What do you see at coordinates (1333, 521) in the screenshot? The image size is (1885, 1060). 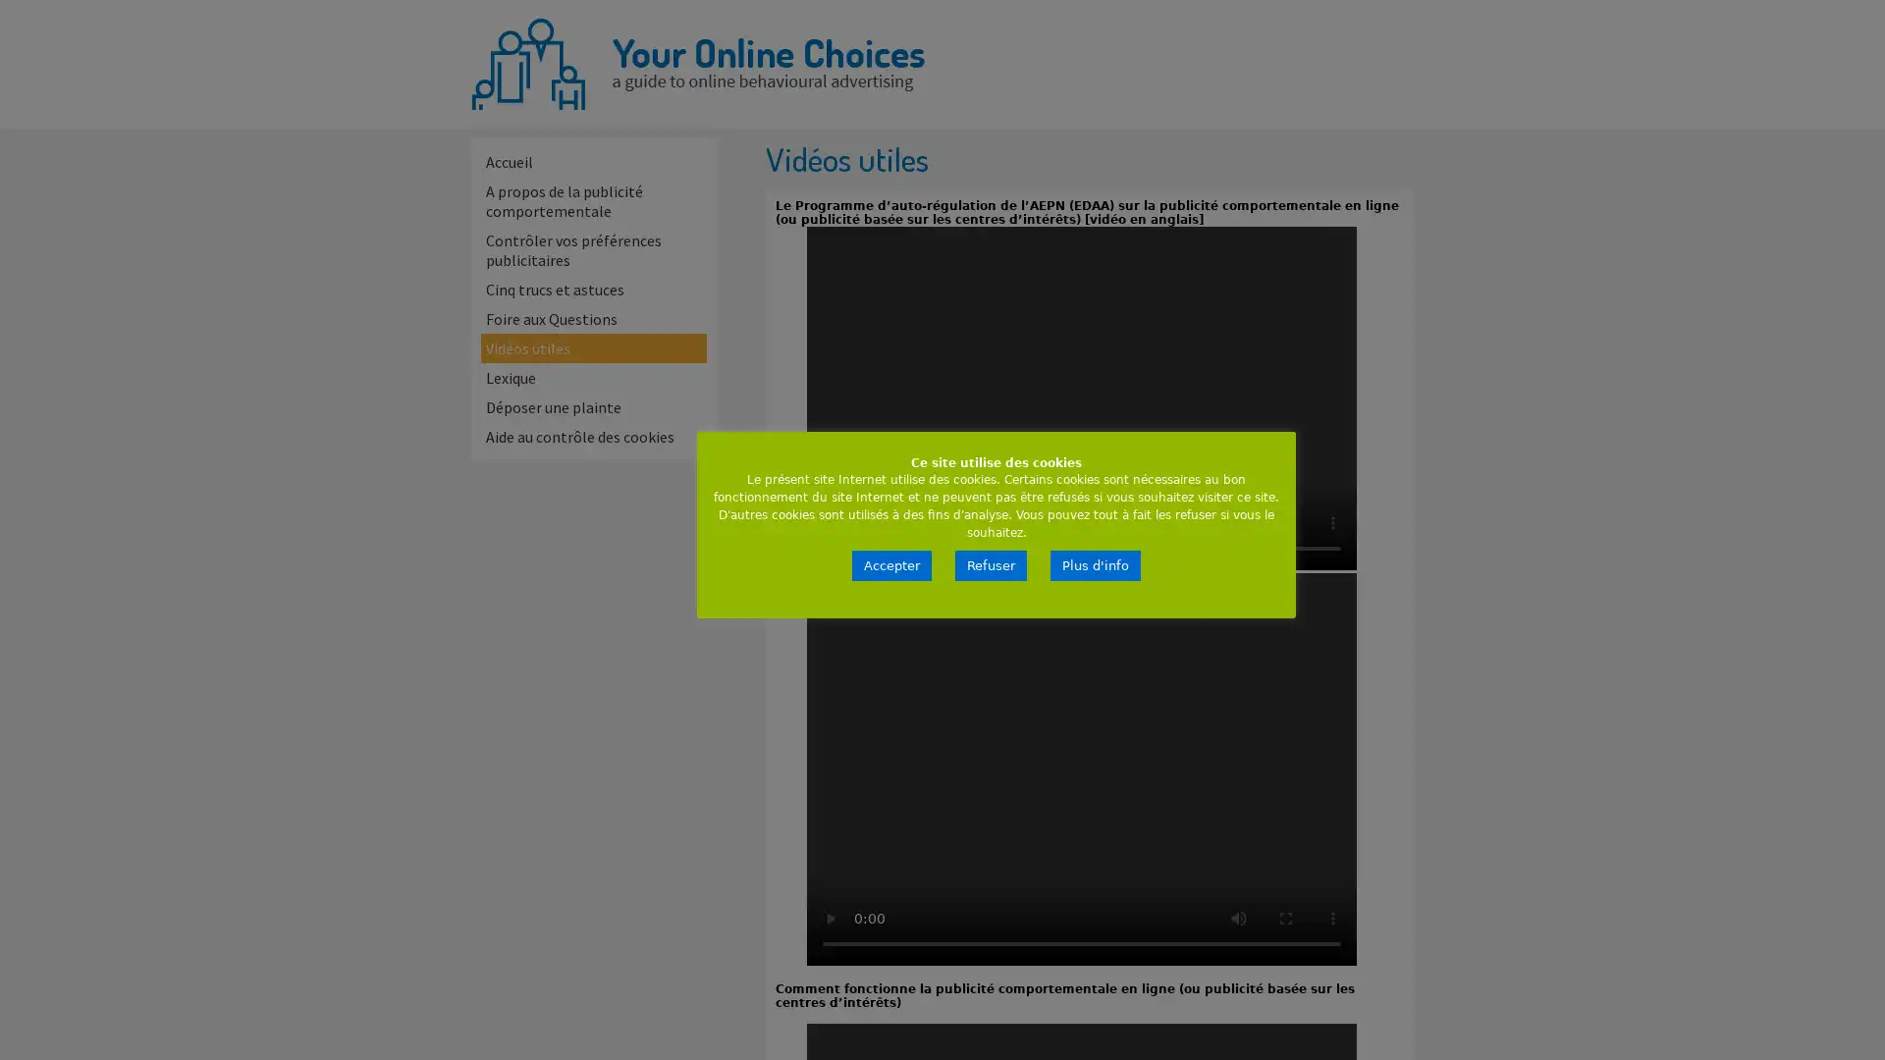 I see `show more media controls` at bounding box center [1333, 521].